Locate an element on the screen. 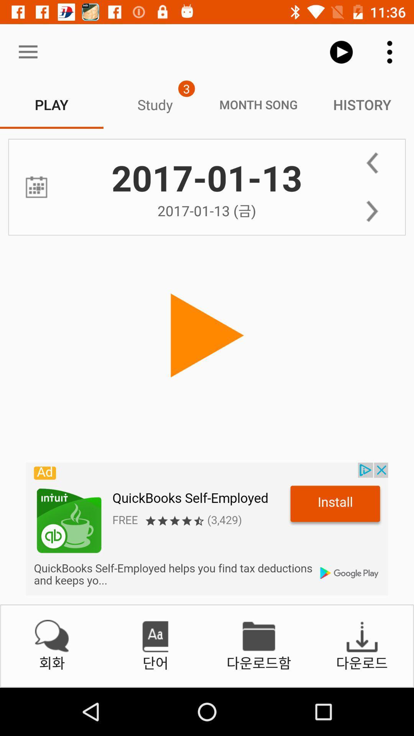 The height and width of the screenshot is (736, 414). go next is located at coordinates (372, 211).